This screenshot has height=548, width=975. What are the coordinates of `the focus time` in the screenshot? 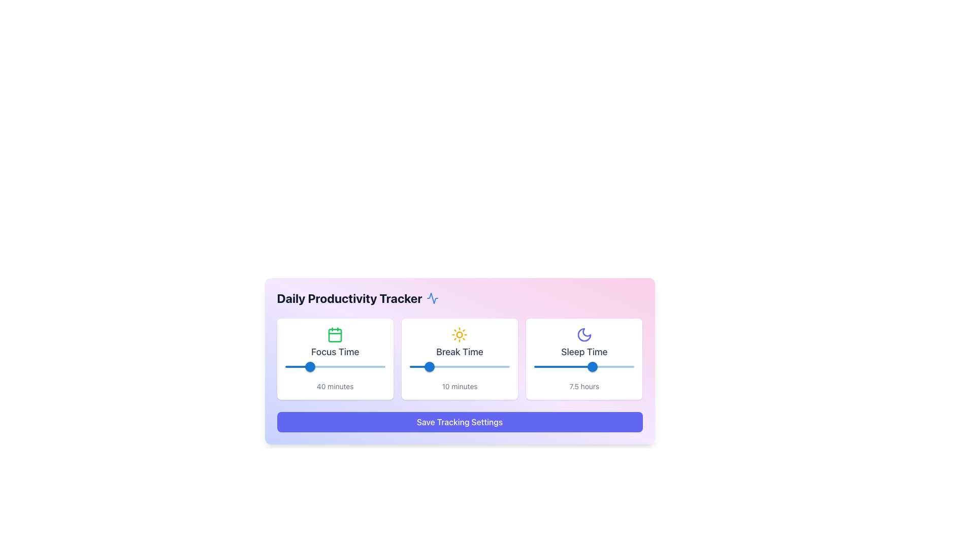 It's located at (375, 366).